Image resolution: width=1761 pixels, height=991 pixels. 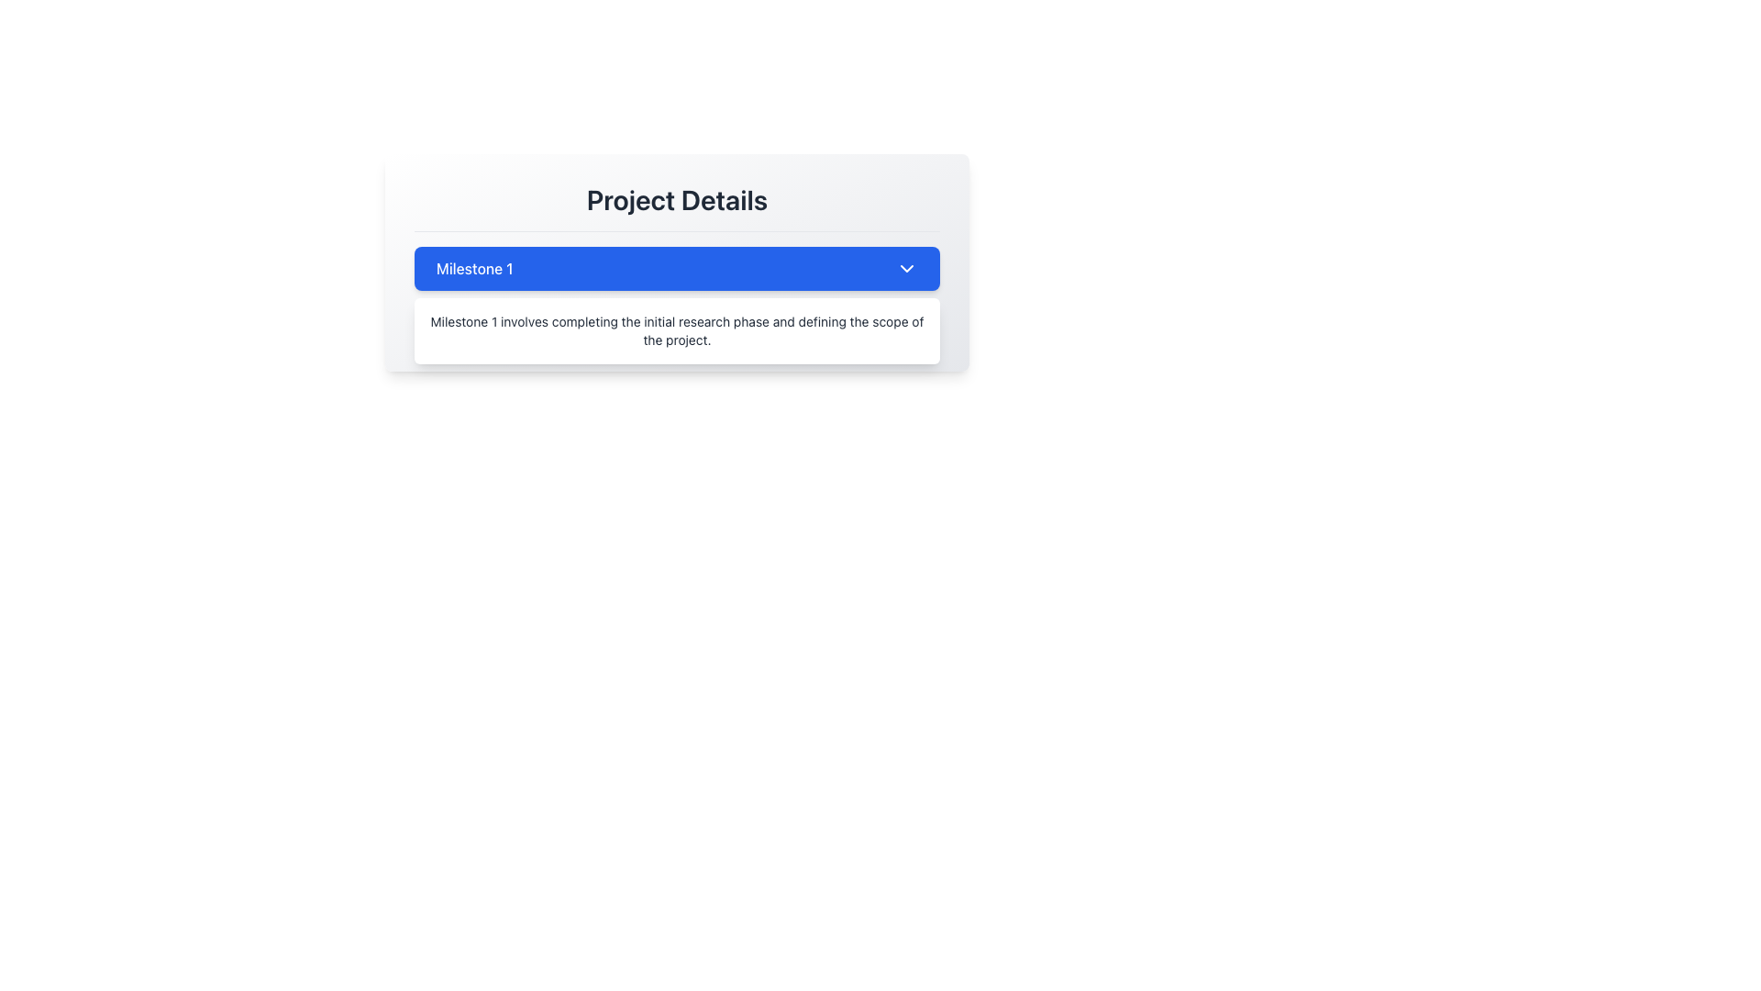 I want to click on the collapsible section header for 'Milestone 1', so click(x=676, y=286).